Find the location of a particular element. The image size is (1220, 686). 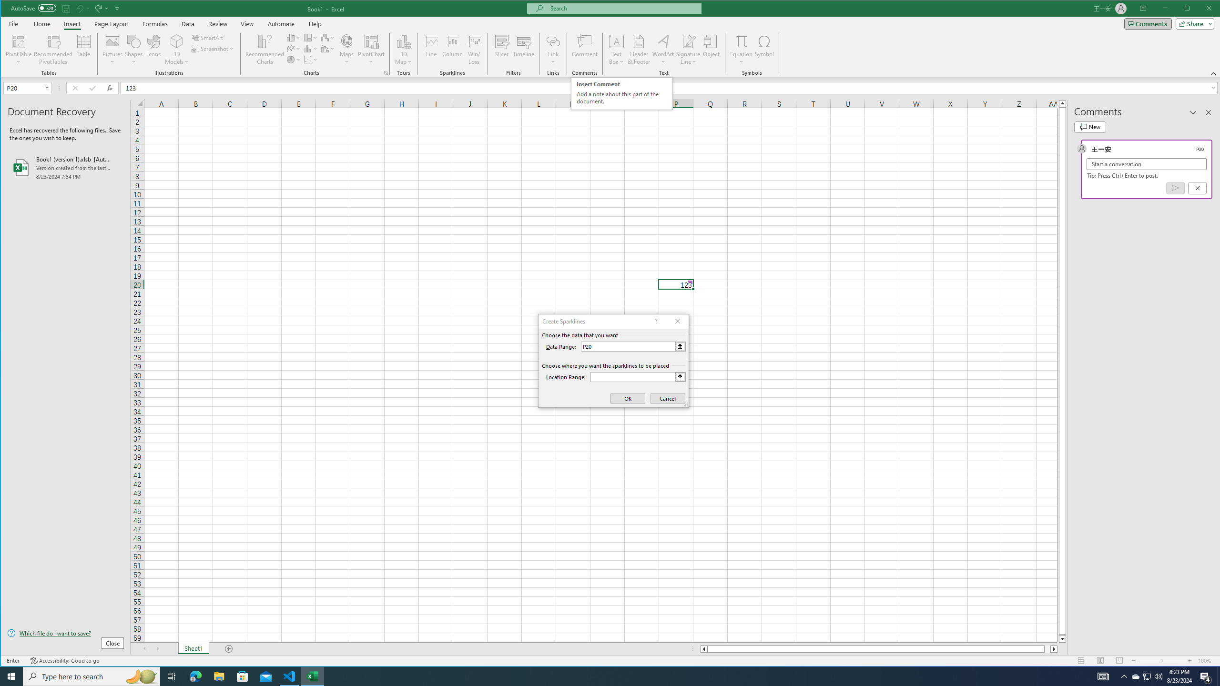

'Insert Scatter (X, Y) or Bubble Chart' is located at coordinates (311, 60).